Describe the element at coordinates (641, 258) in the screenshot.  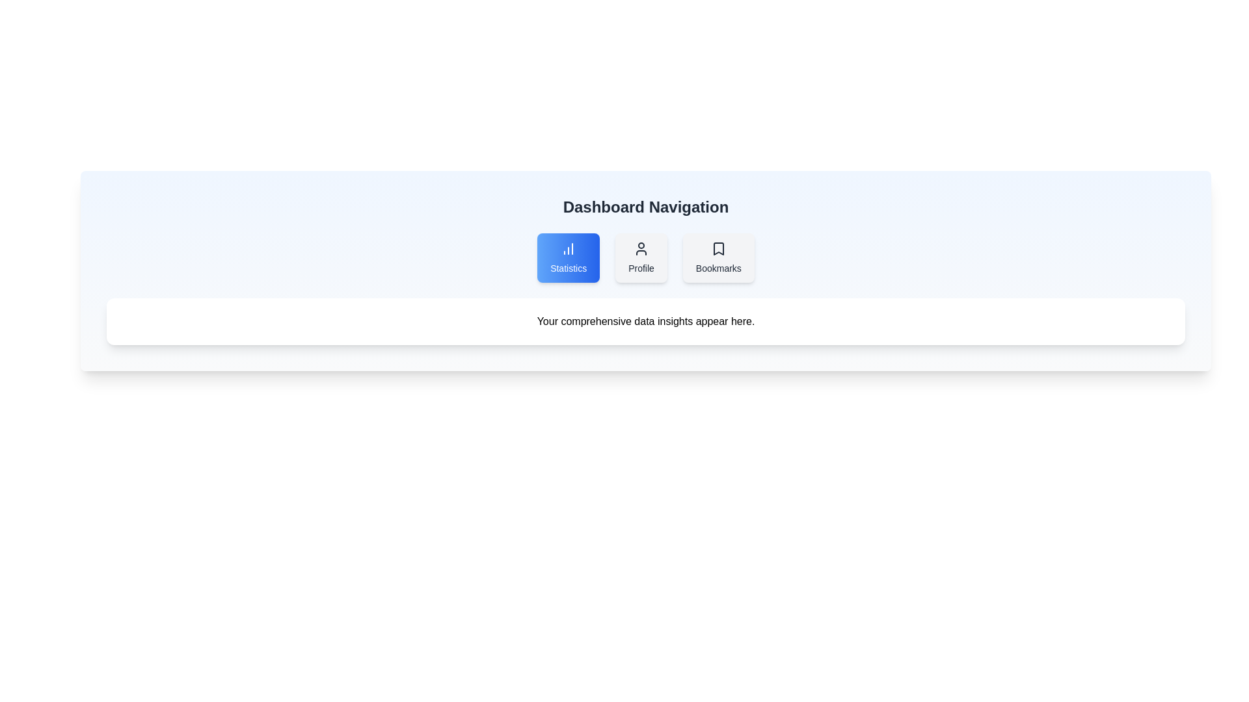
I see `the second button in the horizontal navigation menu` at that location.